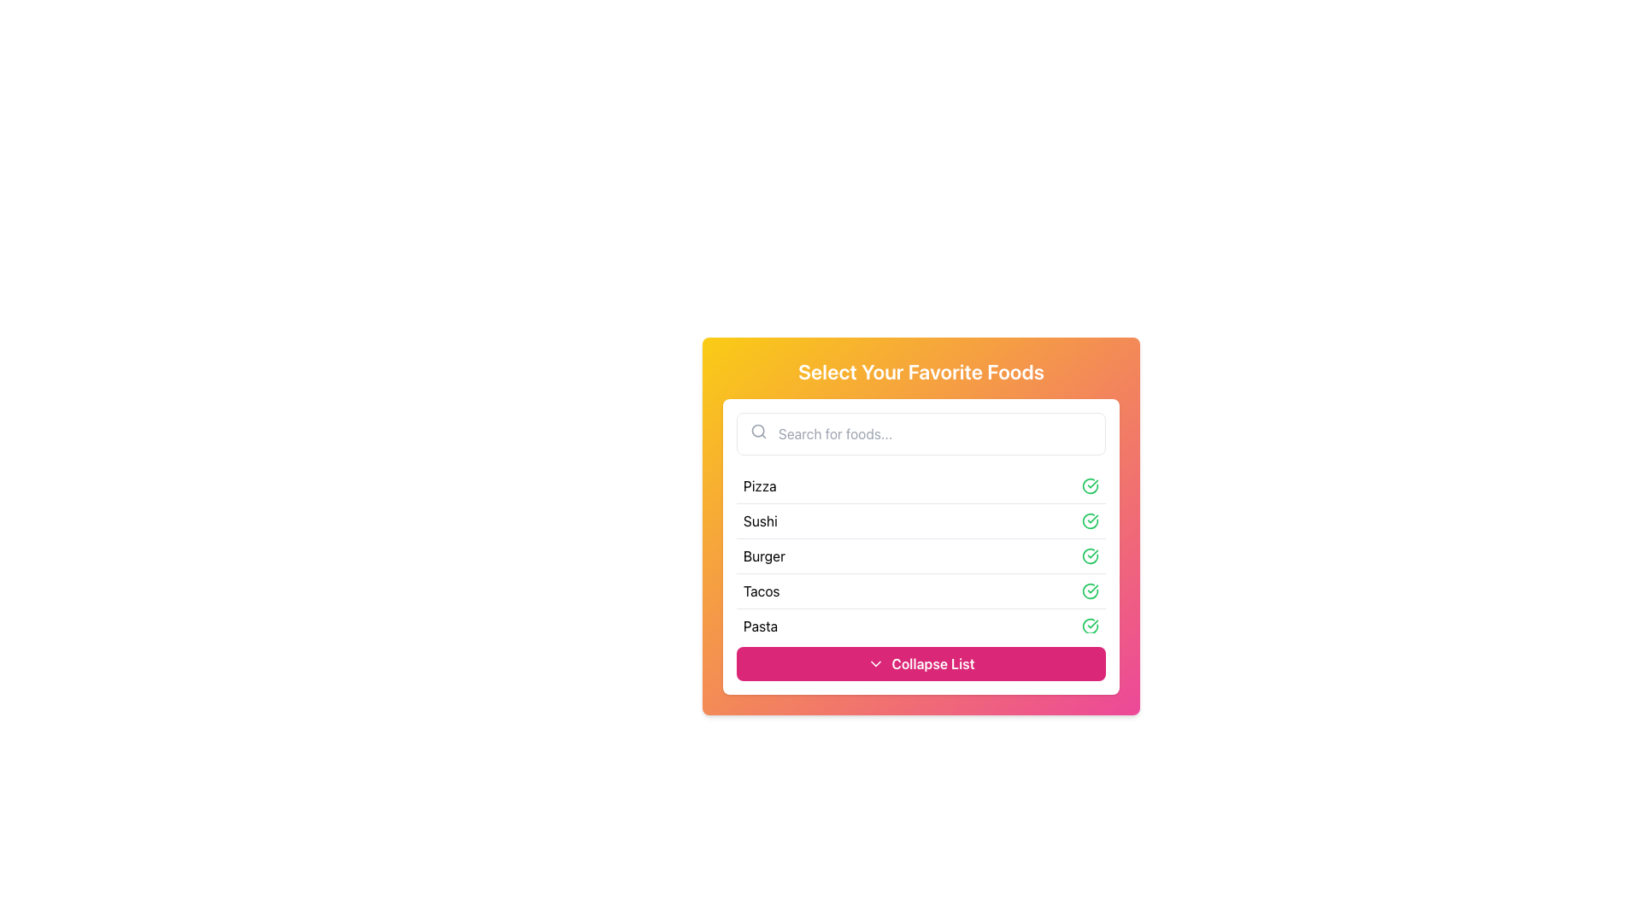  I want to click on the List Item representing 'Burger' within the selection list titled 'Select Your Favorite Foods', so click(920, 547).